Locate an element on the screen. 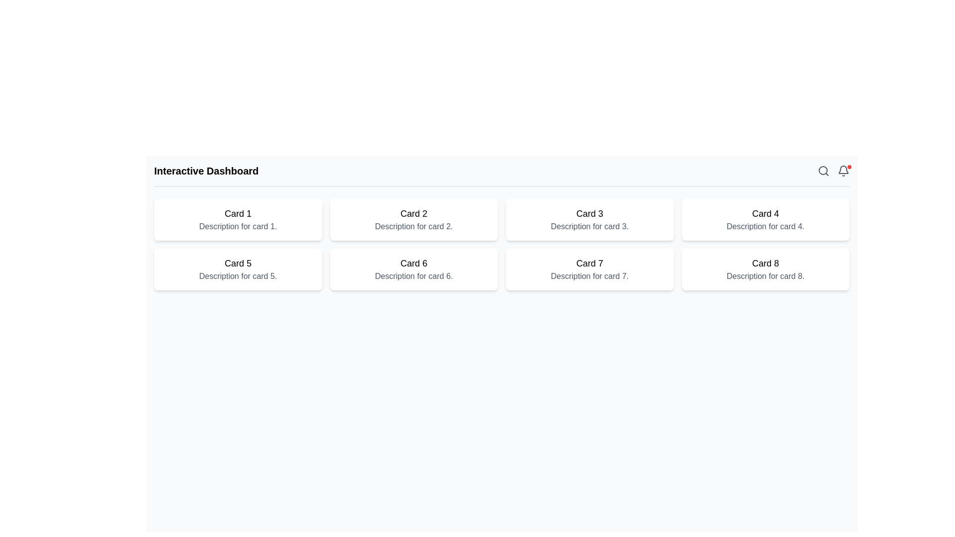 The image size is (955, 537). 'Card 6' to interact with it, which is located in the second row and second column of the grid layout is located at coordinates (414, 269).